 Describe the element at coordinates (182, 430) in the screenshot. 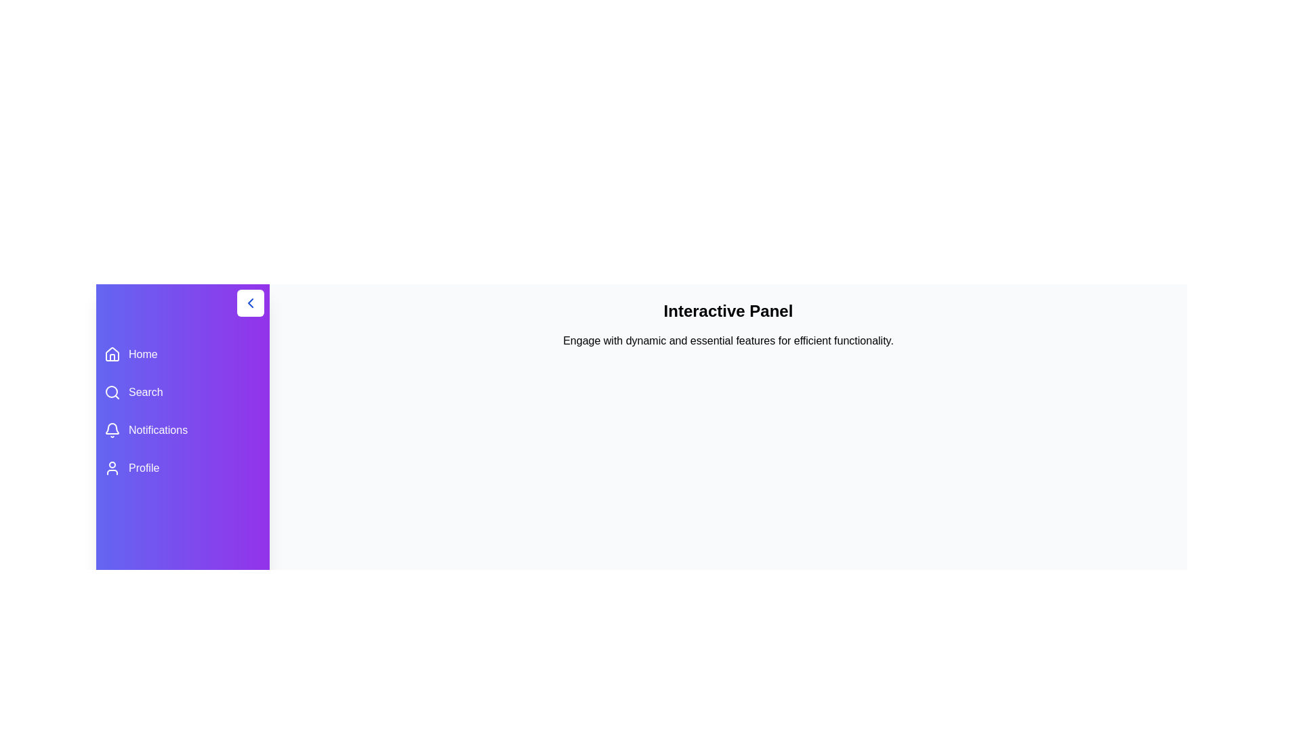

I see `the menu item labeled Notifications` at that location.